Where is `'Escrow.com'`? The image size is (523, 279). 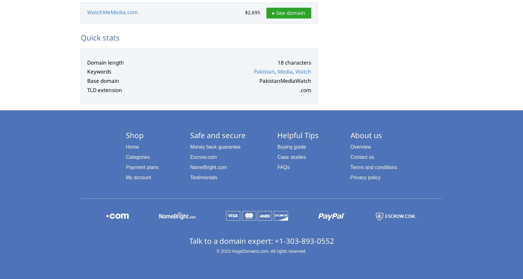
'Escrow.com' is located at coordinates (190, 157).